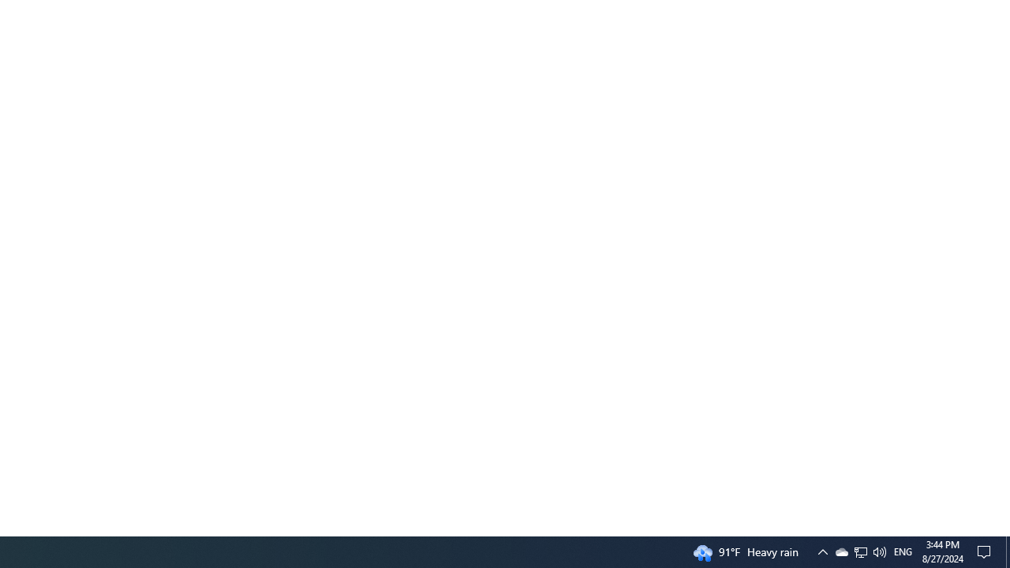 Image resolution: width=1010 pixels, height=568 pixels. What do you see at coordinates (859, 551) in the screenshot?
I see `'Notification Chevron'` at bounding box center [859, 551].